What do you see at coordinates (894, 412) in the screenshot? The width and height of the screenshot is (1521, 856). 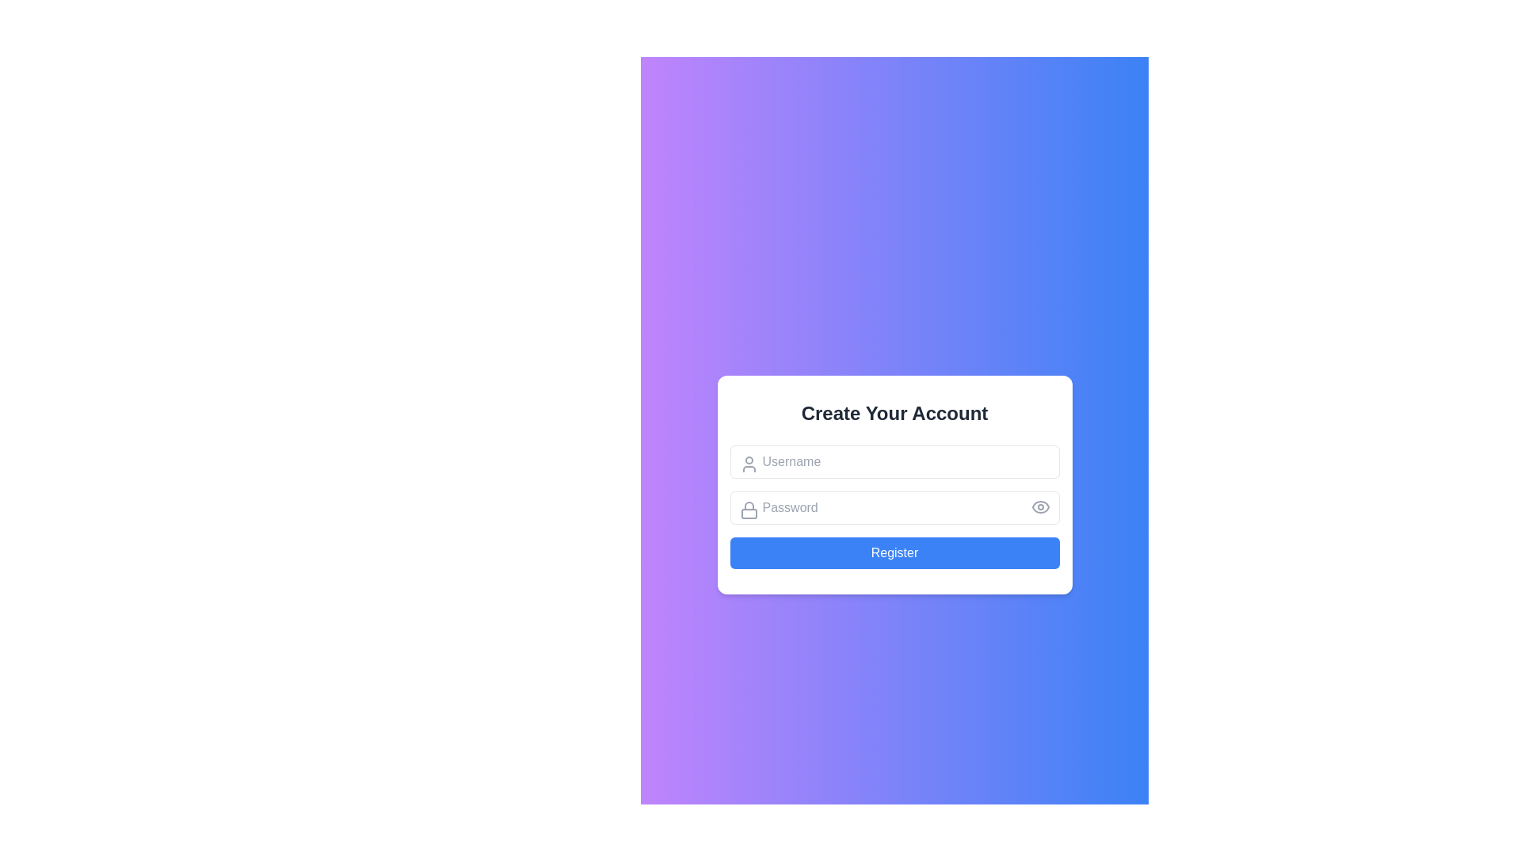 I see `the static text header that serves as the title for the registration form, which is centrally positioned above the input fields and buttons` at bounding box center [894, 412].